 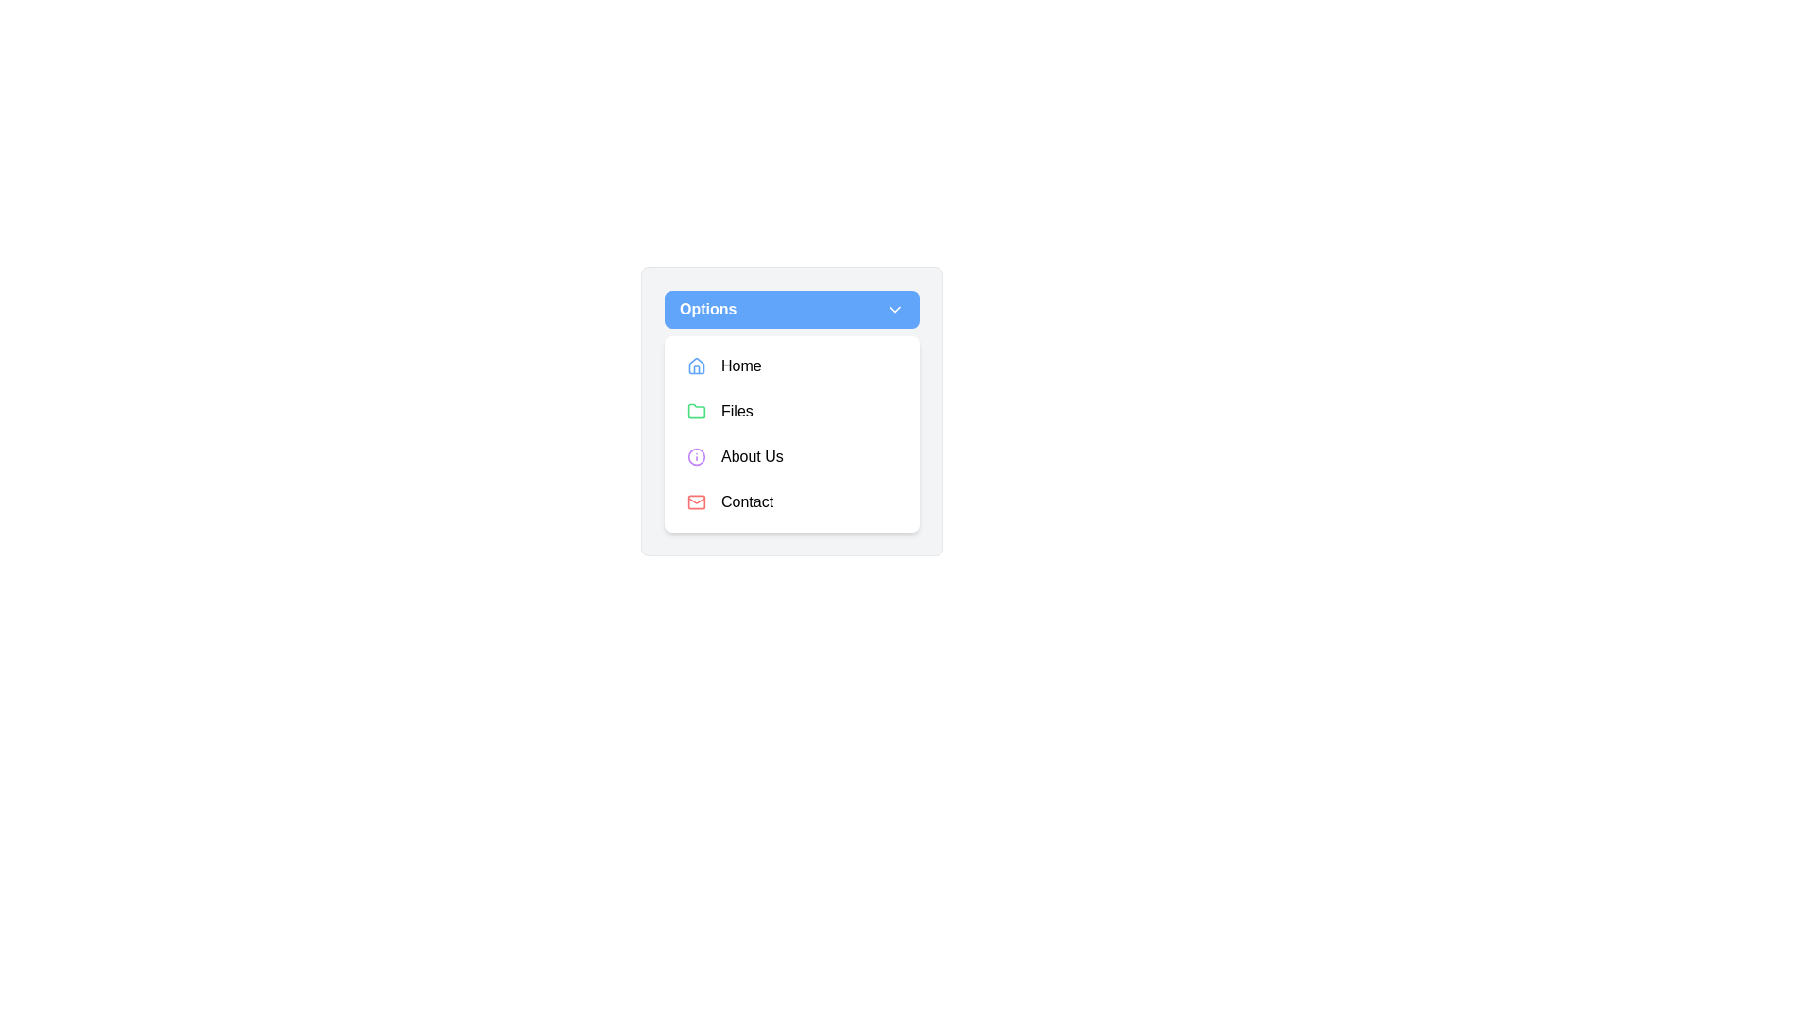 I want to click on the third menu item button that leads to the 'About Us' page, so click(x=792, y=456).